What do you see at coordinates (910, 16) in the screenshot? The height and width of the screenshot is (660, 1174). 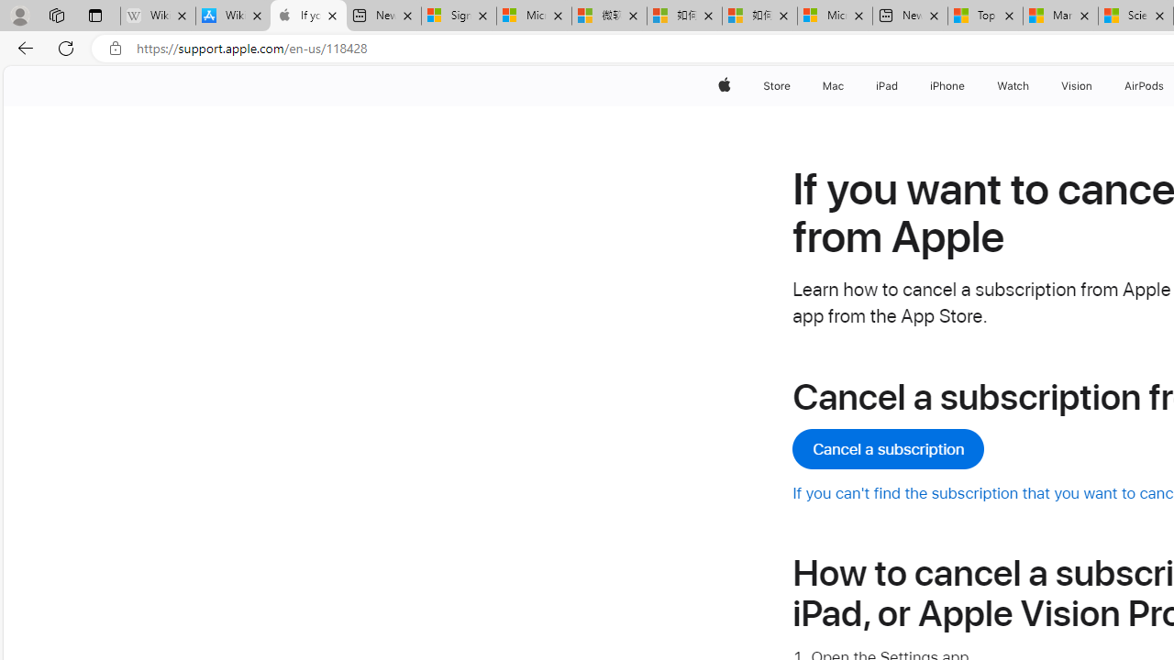 I see `'New tab'` at bounding box center [910, 16].